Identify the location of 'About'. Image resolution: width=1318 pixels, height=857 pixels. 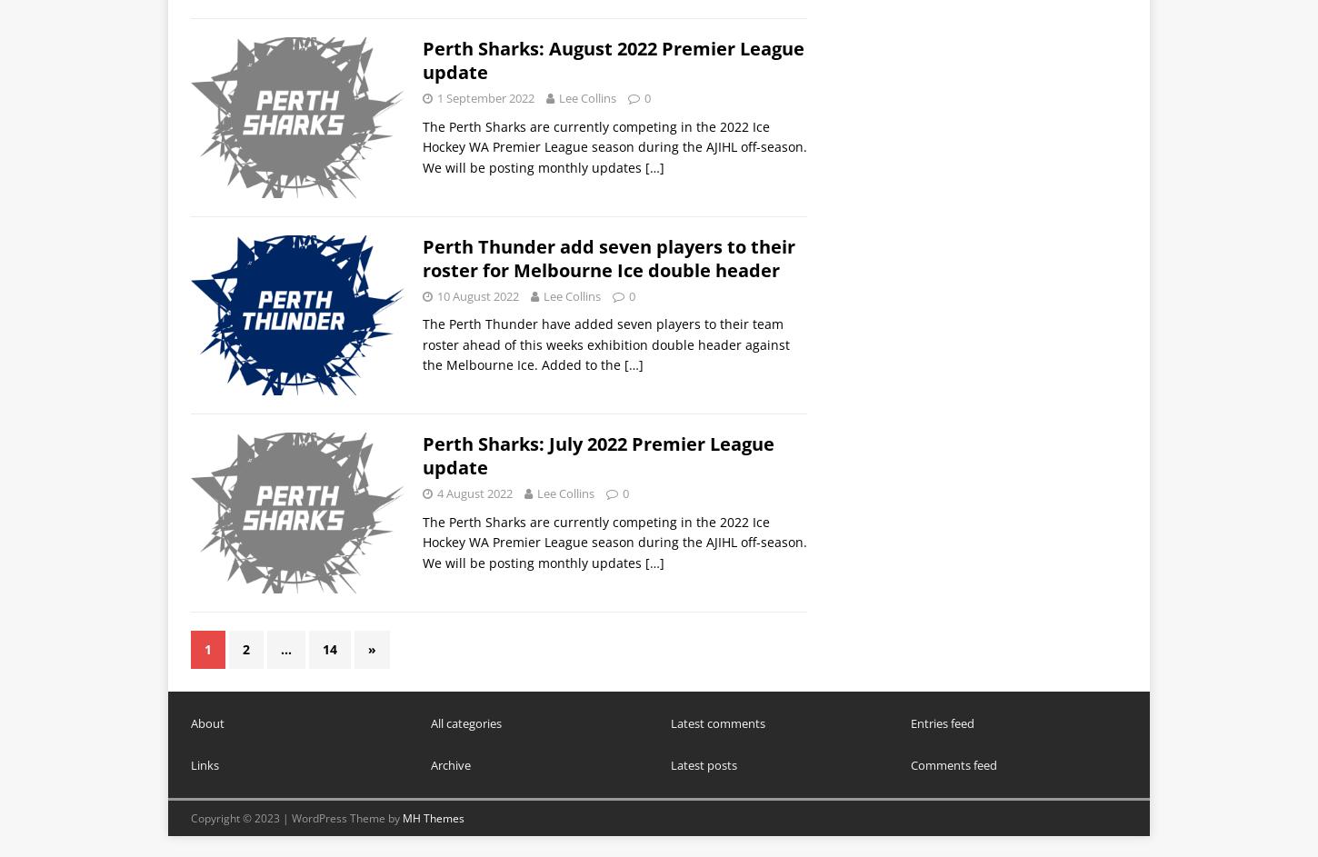
(206, 722).